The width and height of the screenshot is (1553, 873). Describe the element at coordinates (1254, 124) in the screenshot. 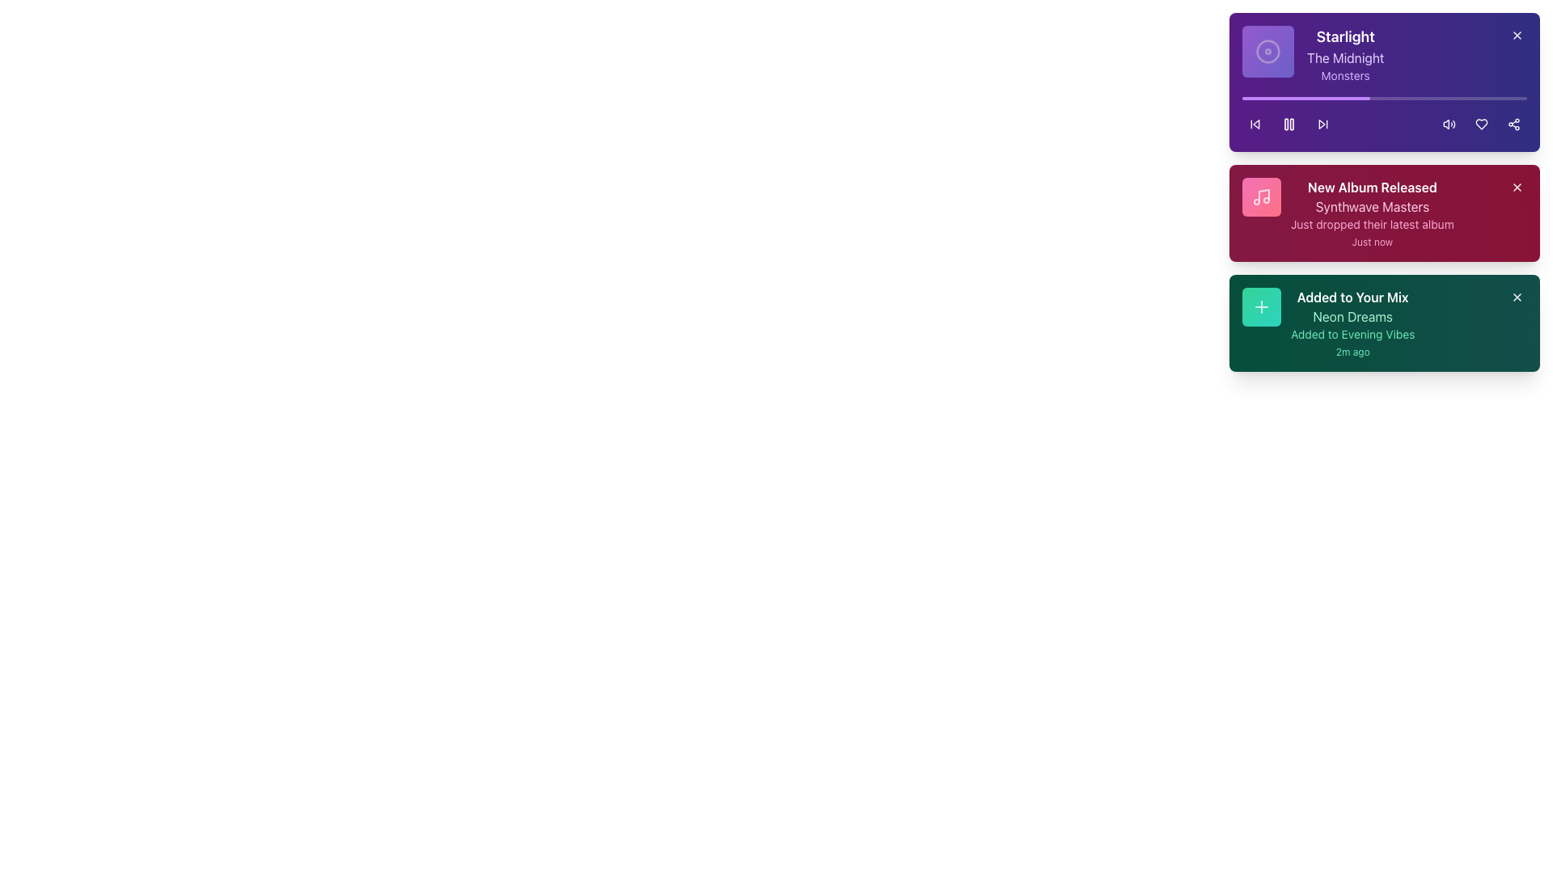

I see `the backward skip button icon, which is represented by a triangular arrow pointing left within a circular button area, located on the left side of a row of icons at the bottom of the purple notification card` at that location.